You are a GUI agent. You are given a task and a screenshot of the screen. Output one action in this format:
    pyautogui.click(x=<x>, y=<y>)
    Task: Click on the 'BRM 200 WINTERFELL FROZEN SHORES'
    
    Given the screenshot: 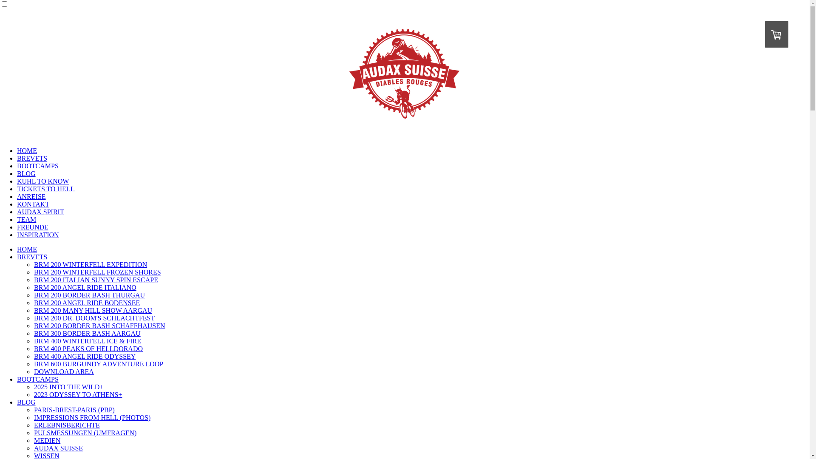 What is the action you would take?
    pyautogui.click(x=97, y=272)
    